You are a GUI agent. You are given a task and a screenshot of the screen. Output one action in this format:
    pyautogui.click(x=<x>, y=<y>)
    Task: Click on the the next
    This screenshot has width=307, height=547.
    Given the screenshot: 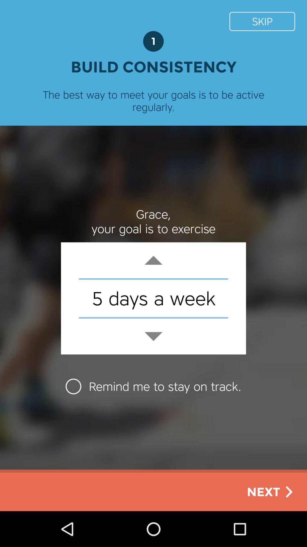 What is the action you would take?
    pyautogui.click(x=271, y=491)
    